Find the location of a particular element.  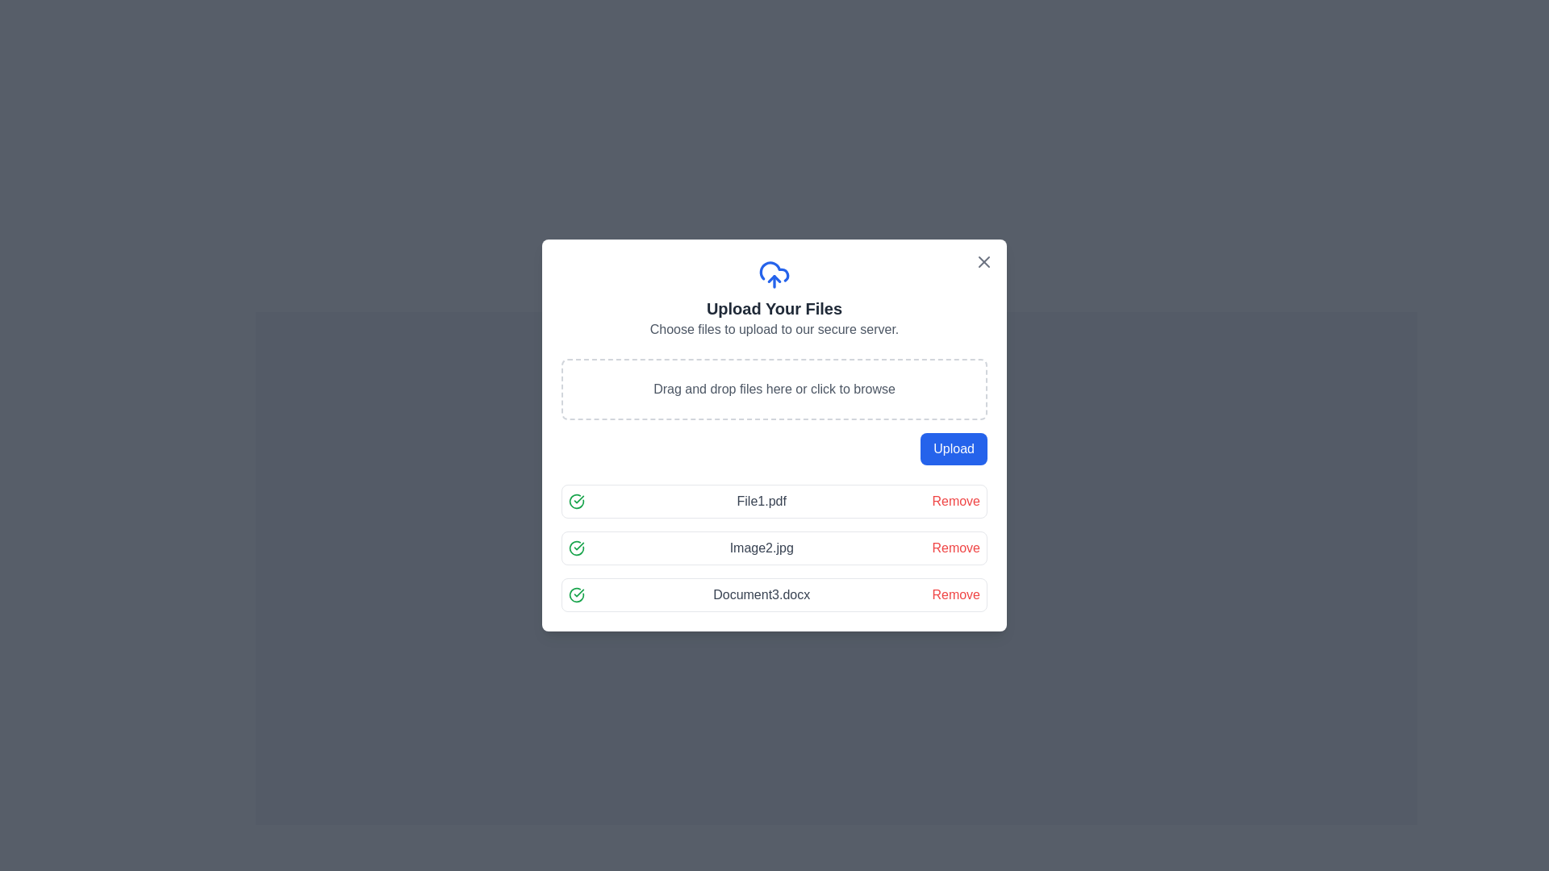

the confirm button for initiating the upload process is located at coordinates (954, 448).